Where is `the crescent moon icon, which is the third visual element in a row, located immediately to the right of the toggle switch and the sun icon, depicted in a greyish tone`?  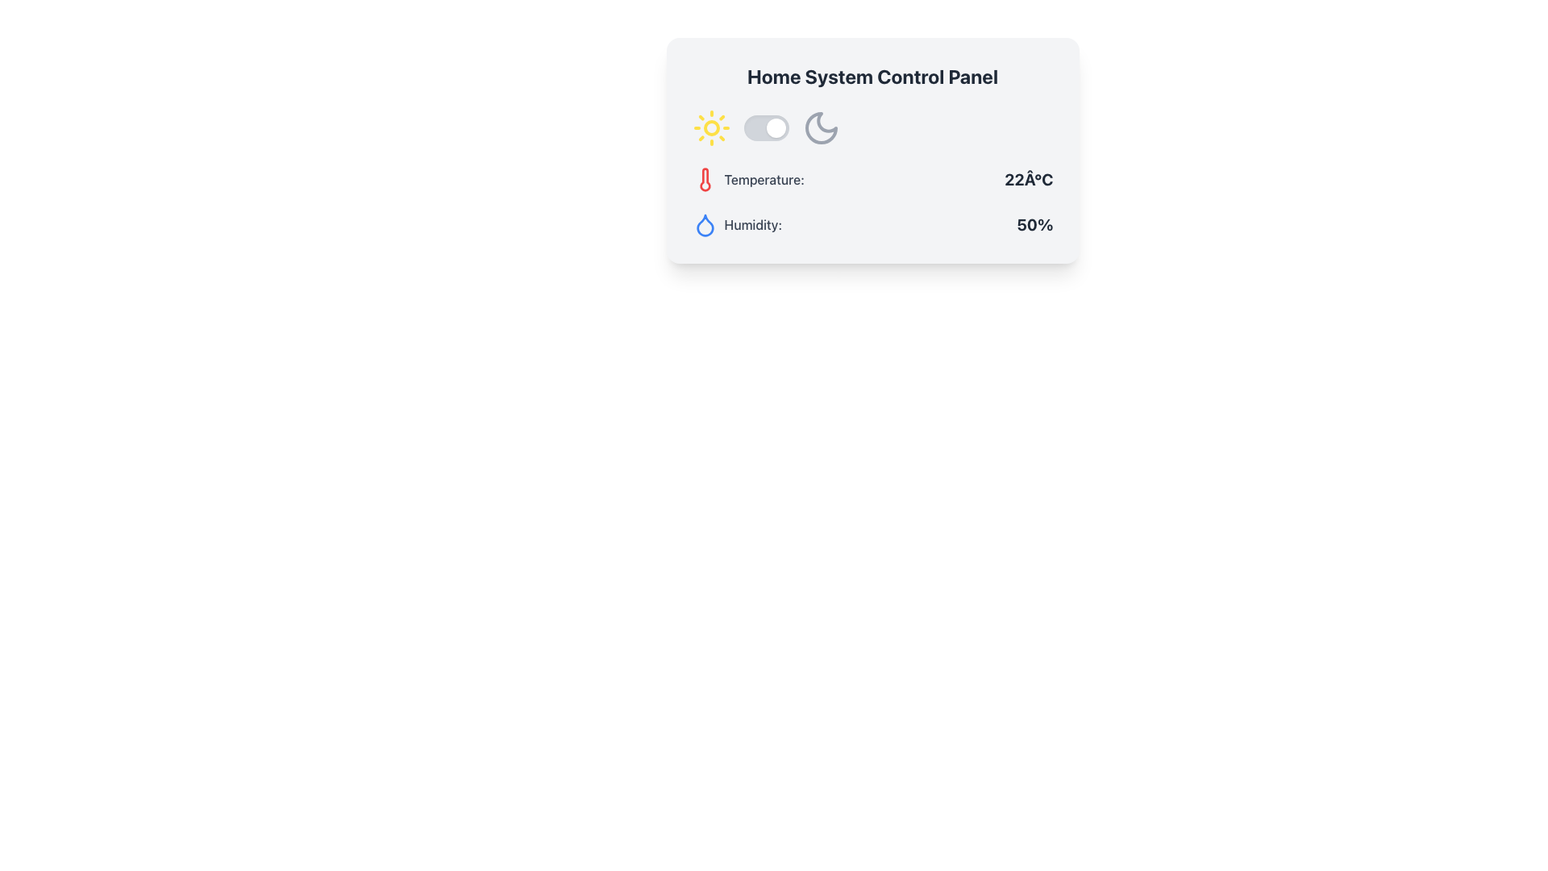
the crescent moon icon, which is the third visual element in a row, located immediately to the right of the toggle switch and the sun icon, depicted in a greyish tone is located at coordinates (821, 127).